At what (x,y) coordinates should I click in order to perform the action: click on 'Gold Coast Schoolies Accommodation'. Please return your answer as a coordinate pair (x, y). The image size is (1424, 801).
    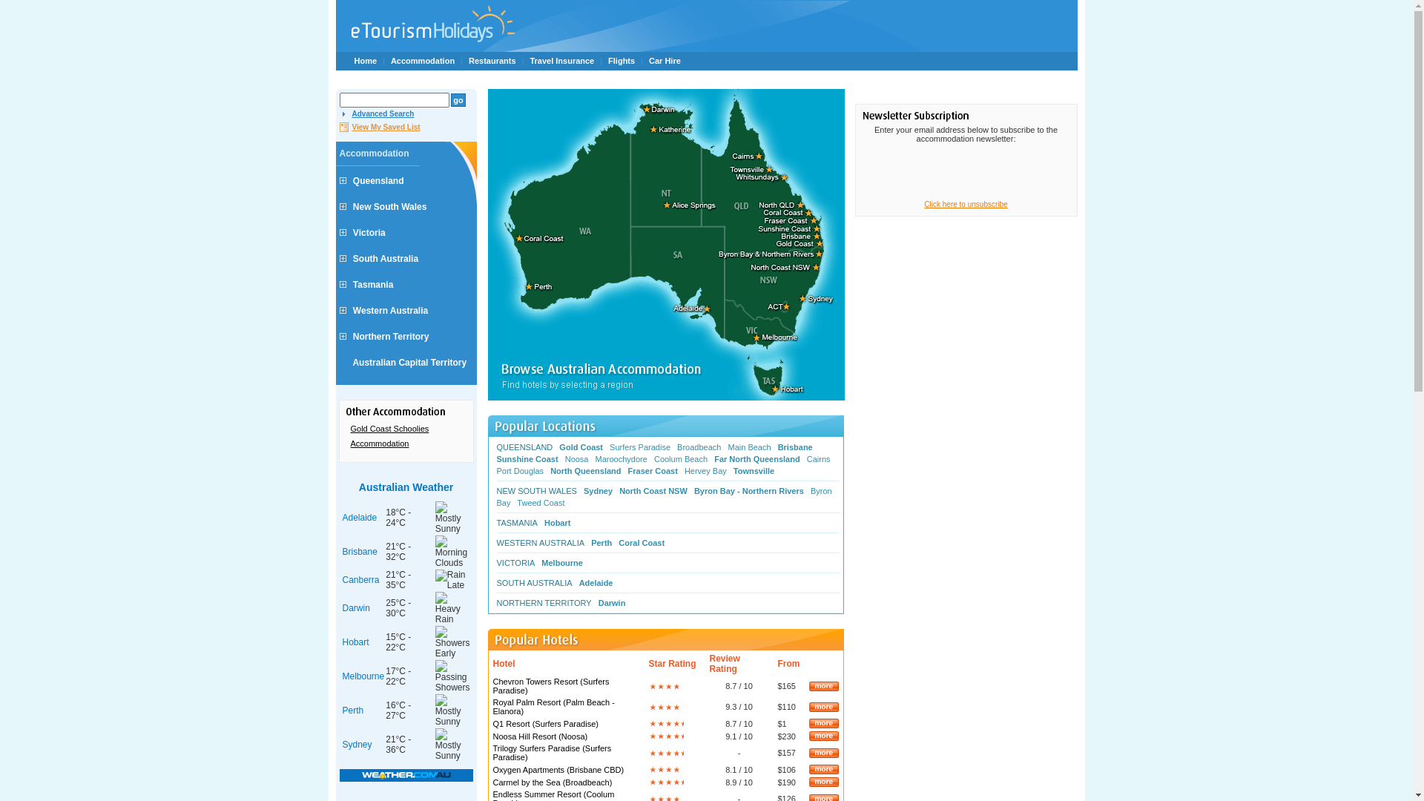
    Looking at the image, I should click on (406, 435).